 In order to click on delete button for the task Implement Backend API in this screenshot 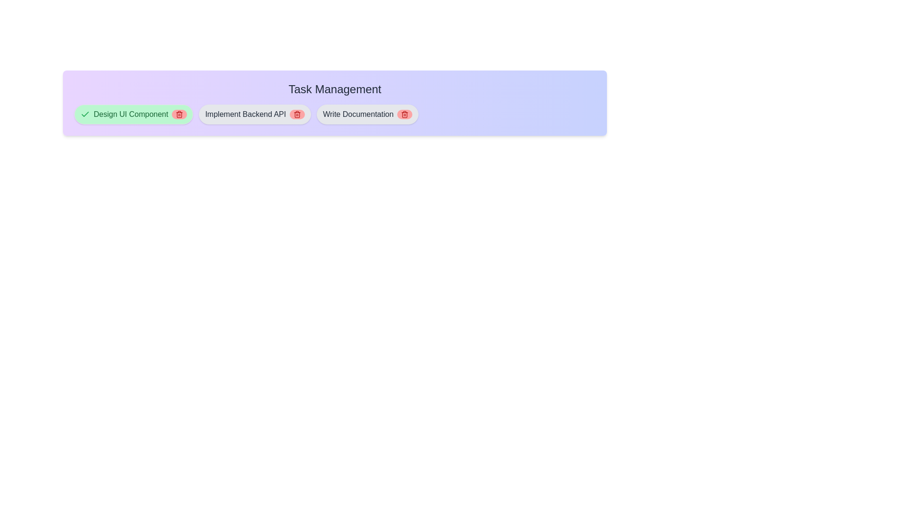, I will do `click(297, 114)`.